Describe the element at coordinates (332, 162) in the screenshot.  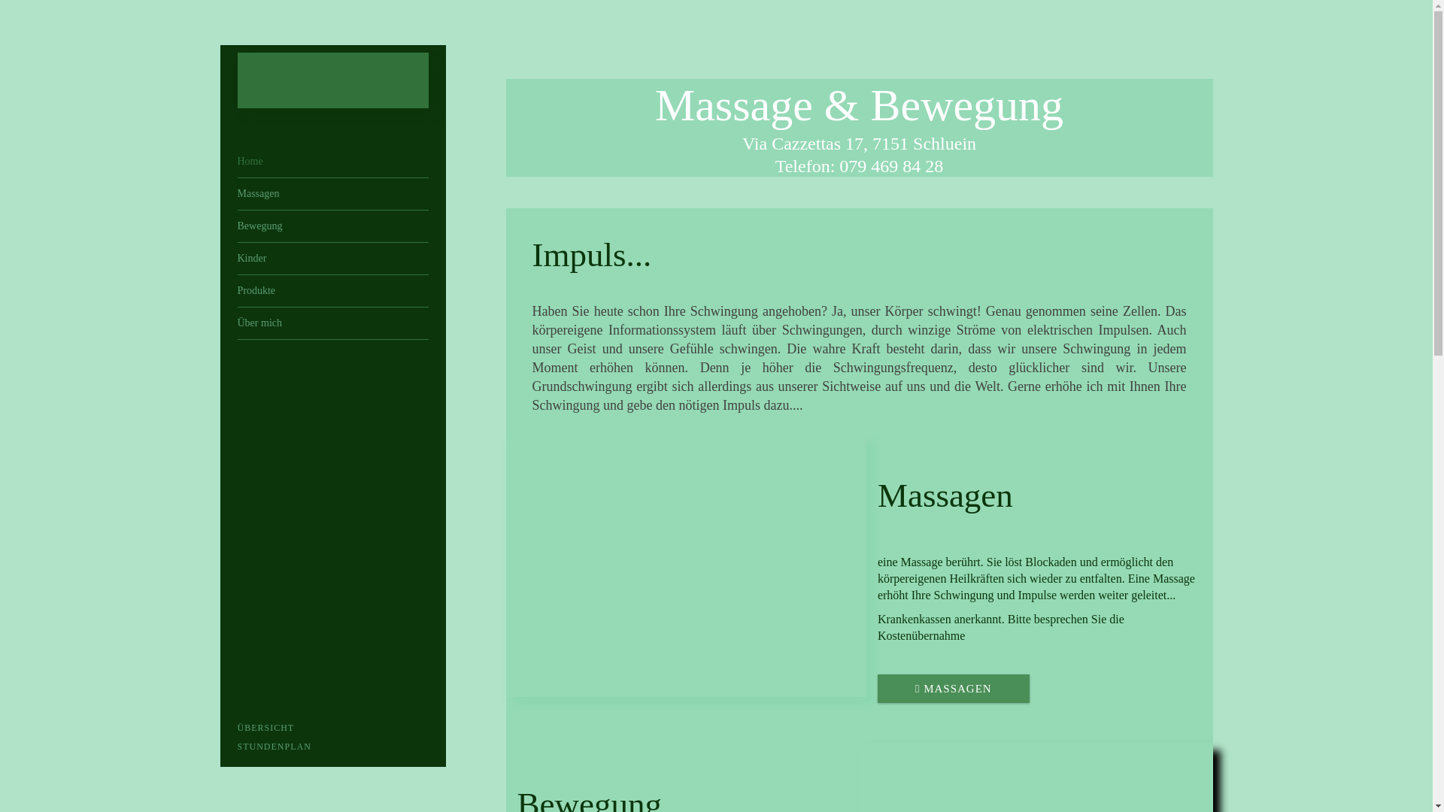
I see `'Home'` at that location.